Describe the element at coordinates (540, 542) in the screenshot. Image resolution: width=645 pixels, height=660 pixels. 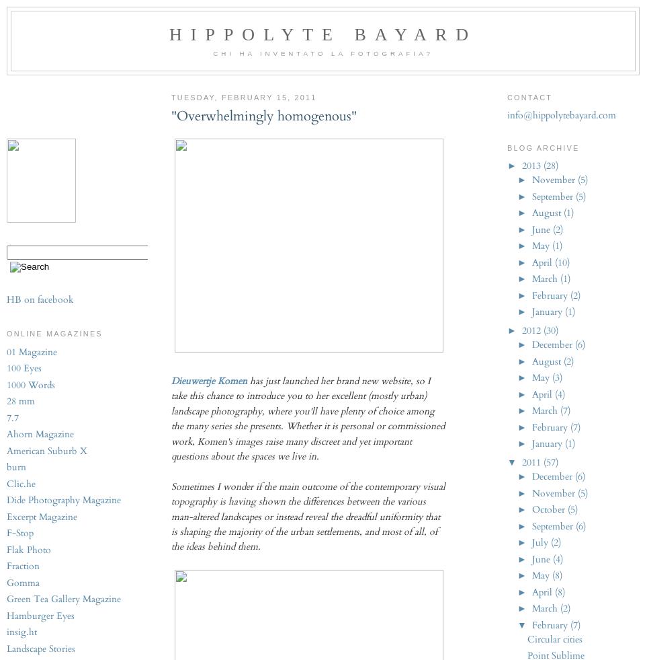
I see `'July'` at that location.